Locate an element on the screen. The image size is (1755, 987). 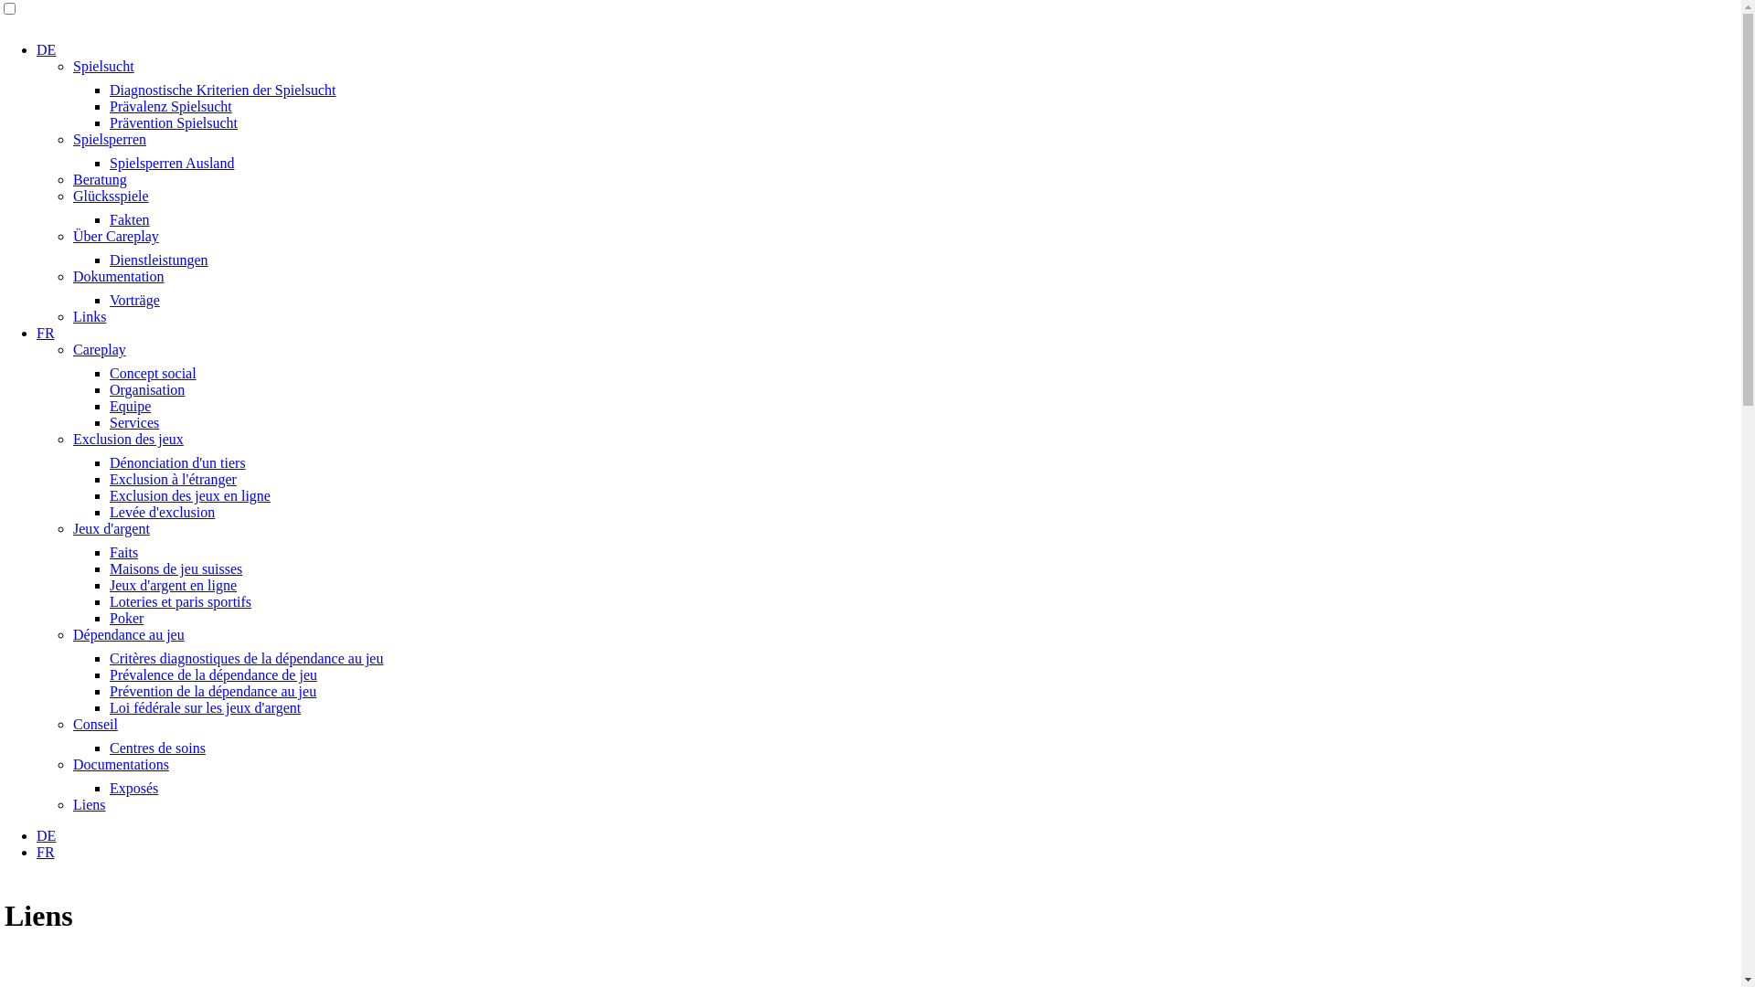
'Spielsperren' is located at coordinates (109, 138).